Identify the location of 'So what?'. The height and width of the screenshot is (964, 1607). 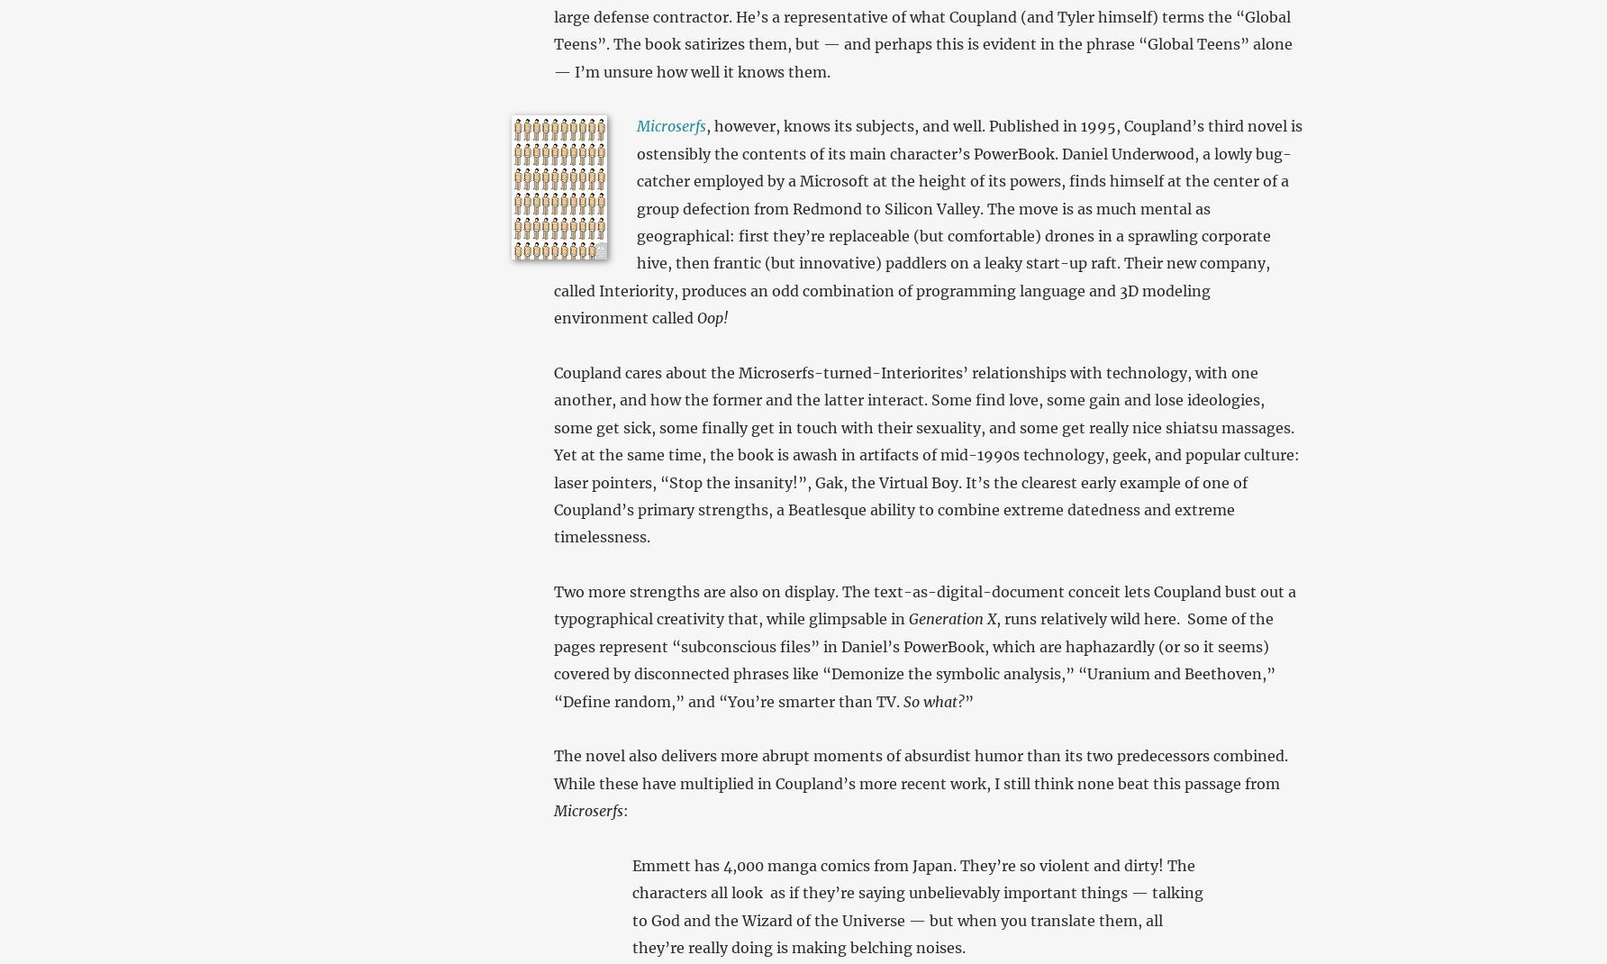
(931, 699).